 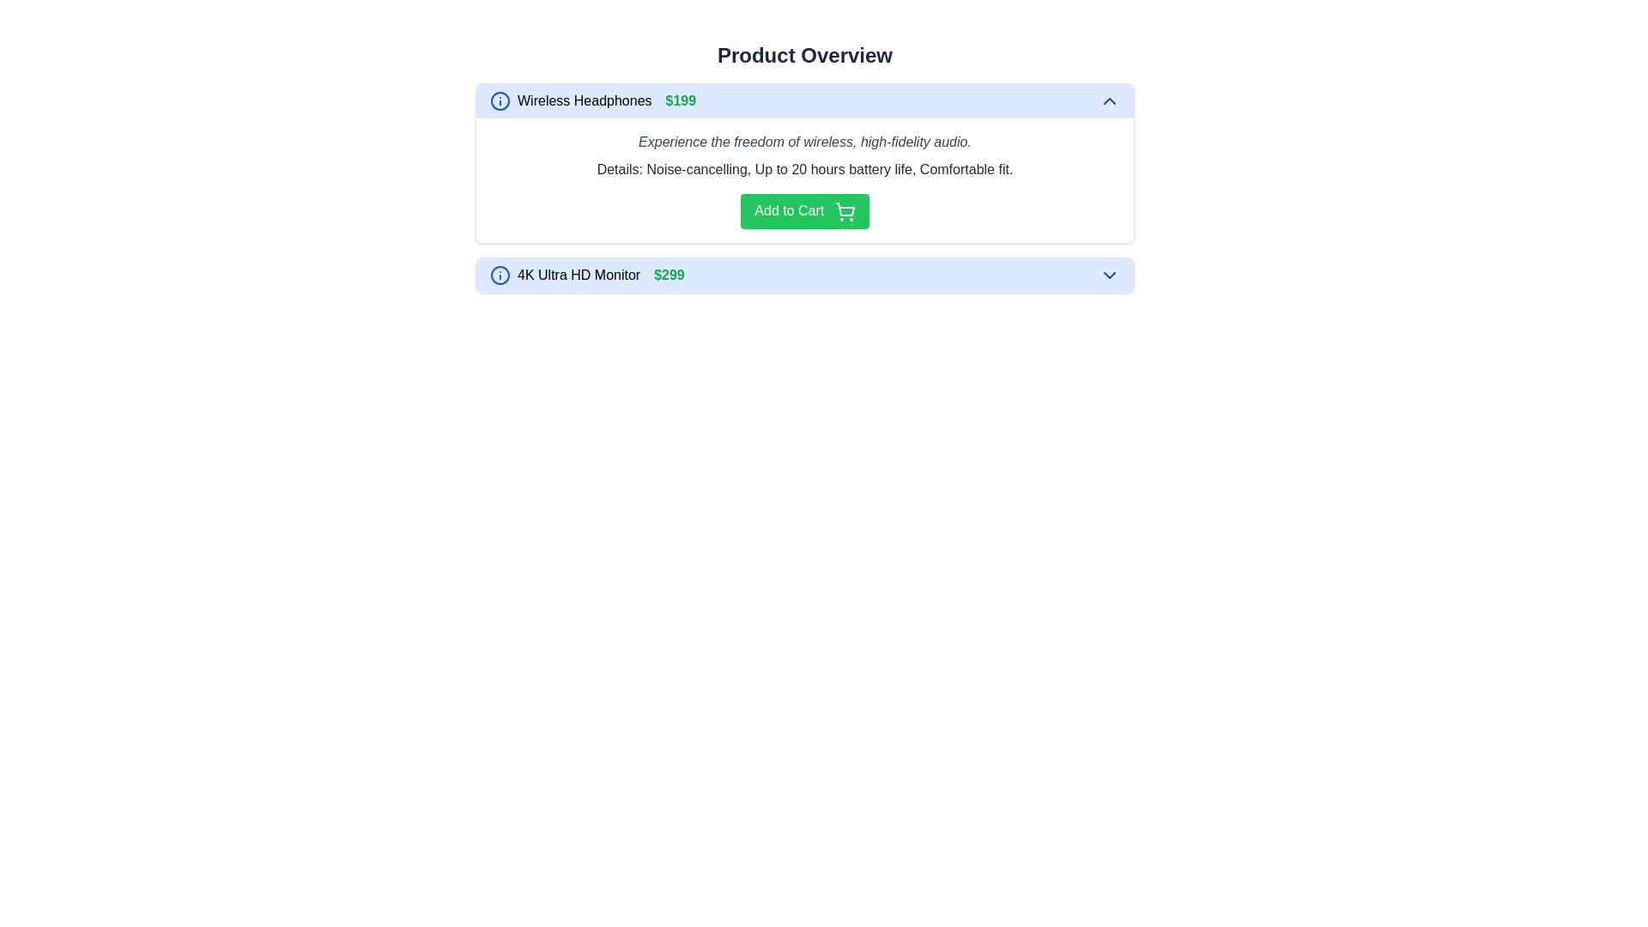 What do you see at coordinates (593, 101) in the screenshot?
I see `the text-based component displaying the product title 'Wireless Headphones' and its price '$199' in the 'Product Overview' section` at bounding box center [593, 101].